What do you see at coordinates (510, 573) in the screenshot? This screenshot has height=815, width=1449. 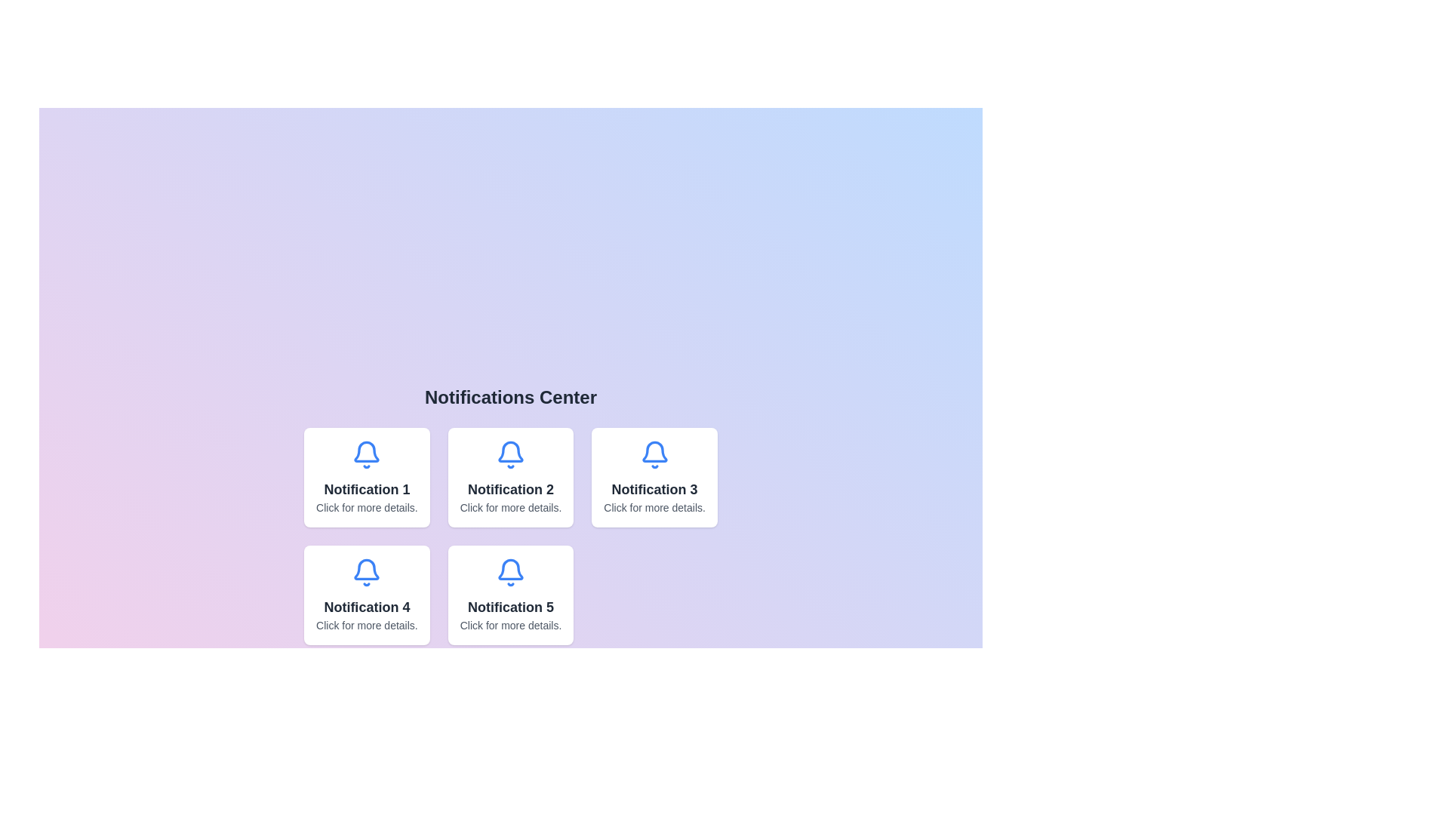 I see `notification bell icon located in the center of the 'Notification 5' card, which has a blue outline on a white background, by clicking on it` at bounding box center [510, 573].